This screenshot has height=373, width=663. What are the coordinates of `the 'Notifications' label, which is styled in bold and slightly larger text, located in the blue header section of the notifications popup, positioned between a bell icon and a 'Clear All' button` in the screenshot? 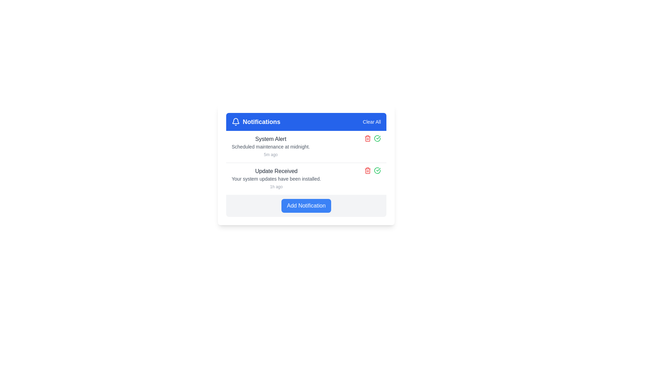 It's located at (261, 122).